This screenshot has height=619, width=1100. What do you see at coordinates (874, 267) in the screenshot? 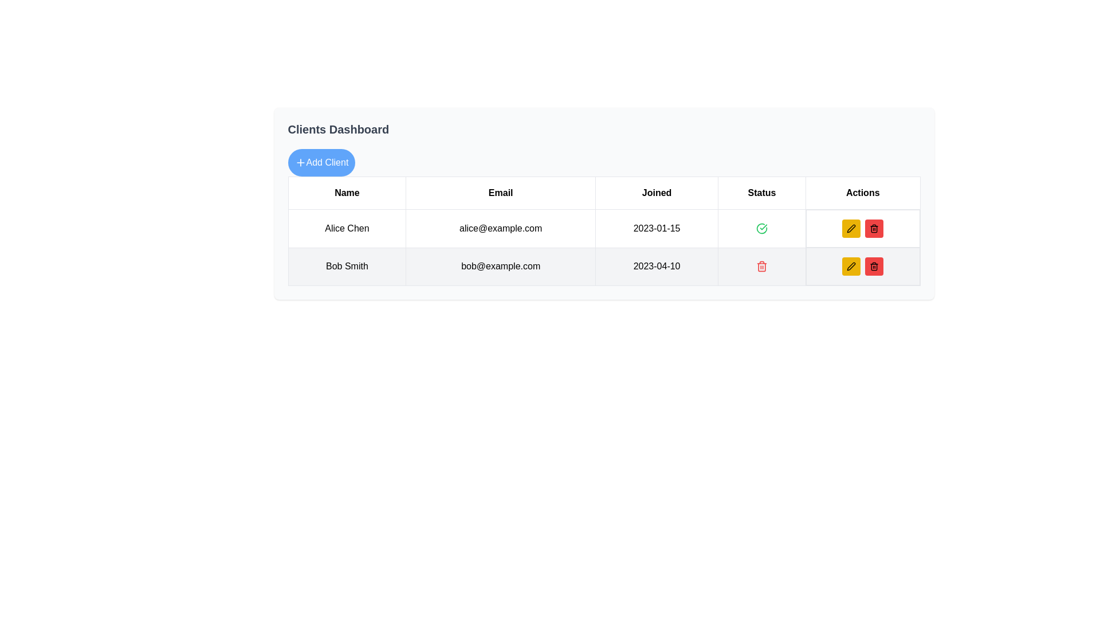
I see `the square red button with rounded corners containing a trash can icon in the second row of the 'Actions' column for user 'Bob Smith'` at bounding box center [874, 267].